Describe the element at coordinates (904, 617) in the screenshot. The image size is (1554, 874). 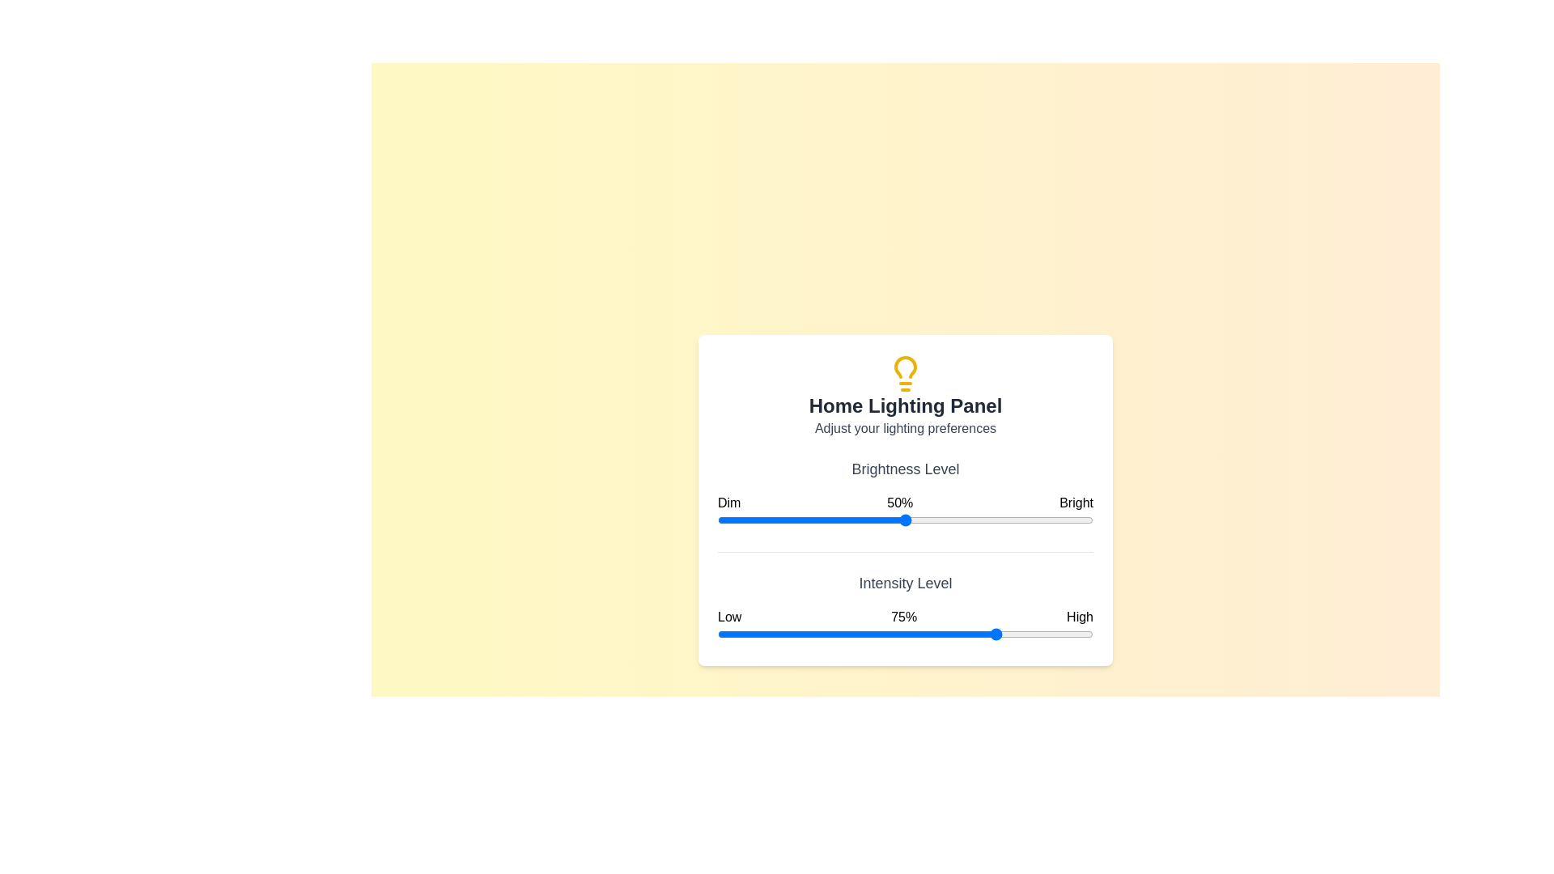
I see `the Label group for the slider's intended function, which shows 'Low', '75%', and 'High' under the label 'Intensity Level'` at that location.